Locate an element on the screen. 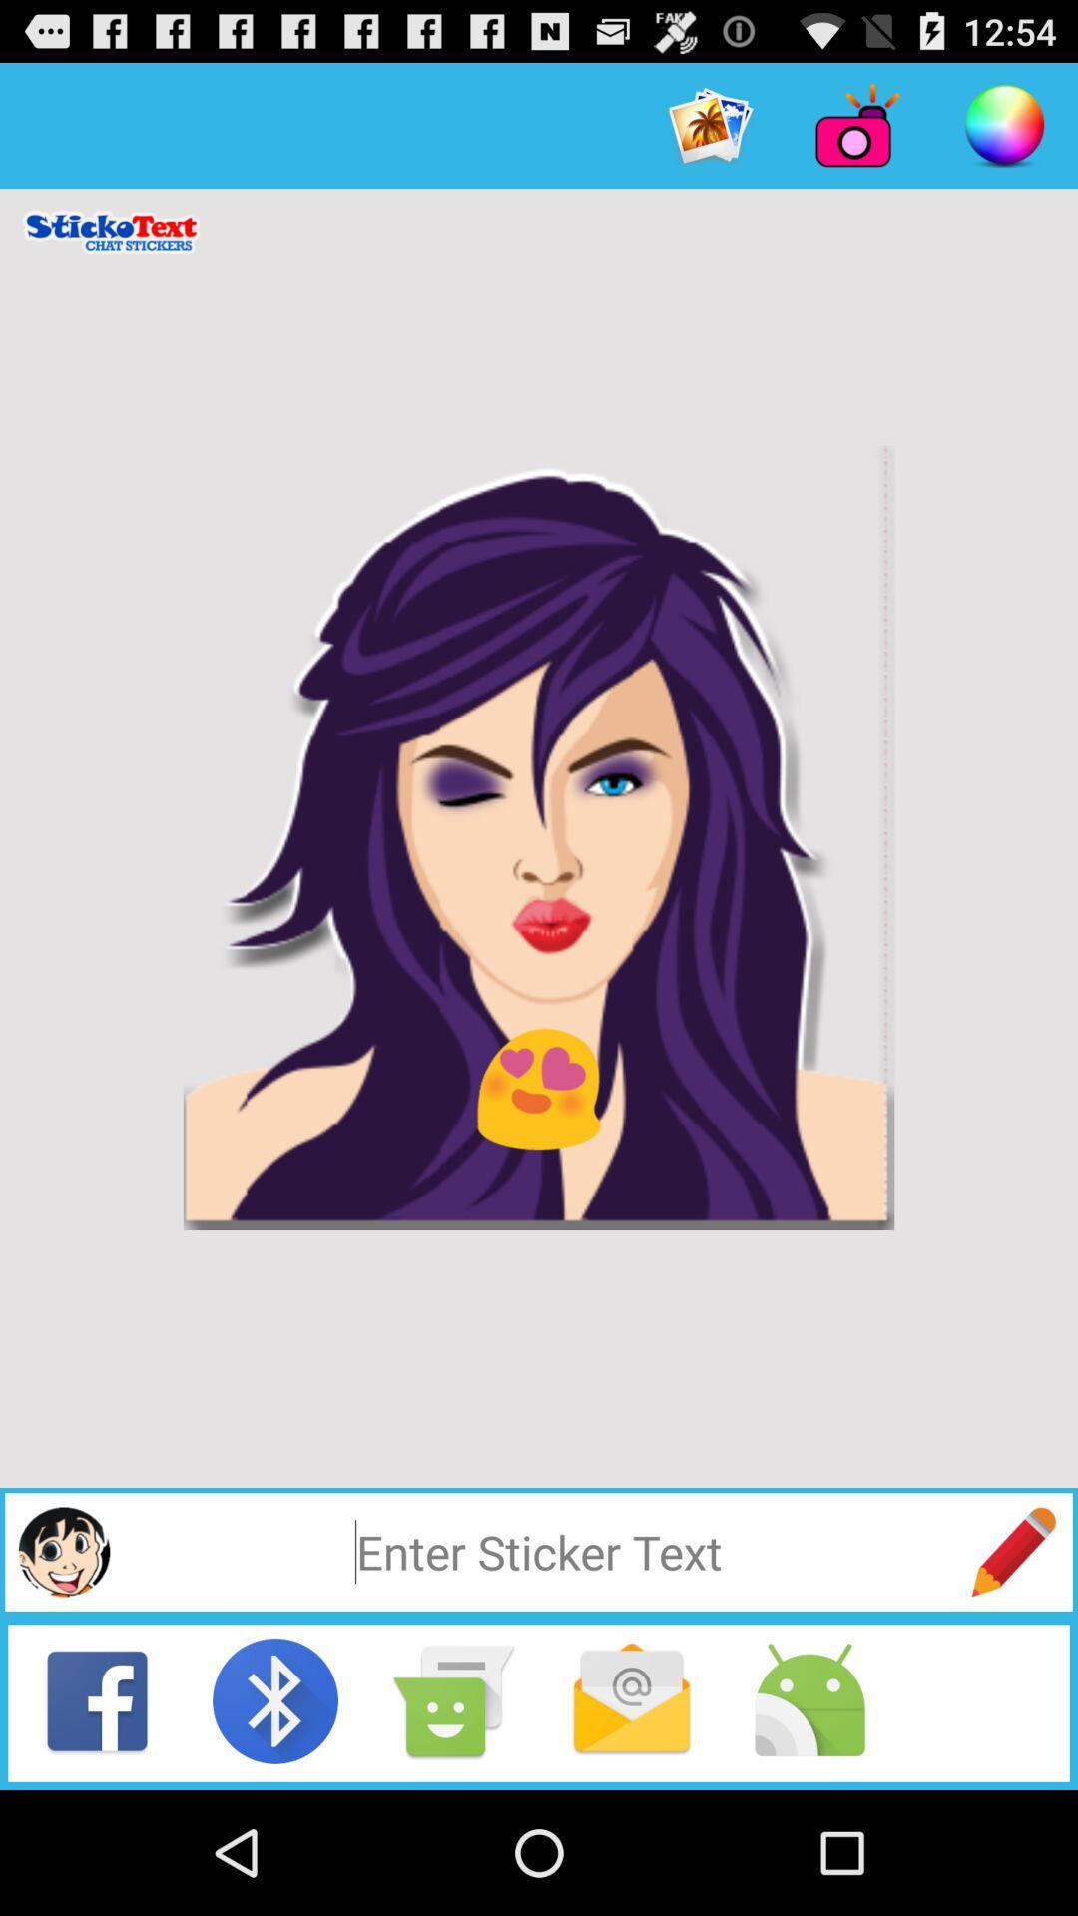 The height and width of the screenshot is (1916, 1078). option left to camera at top right is located at coordinates (710, 124).